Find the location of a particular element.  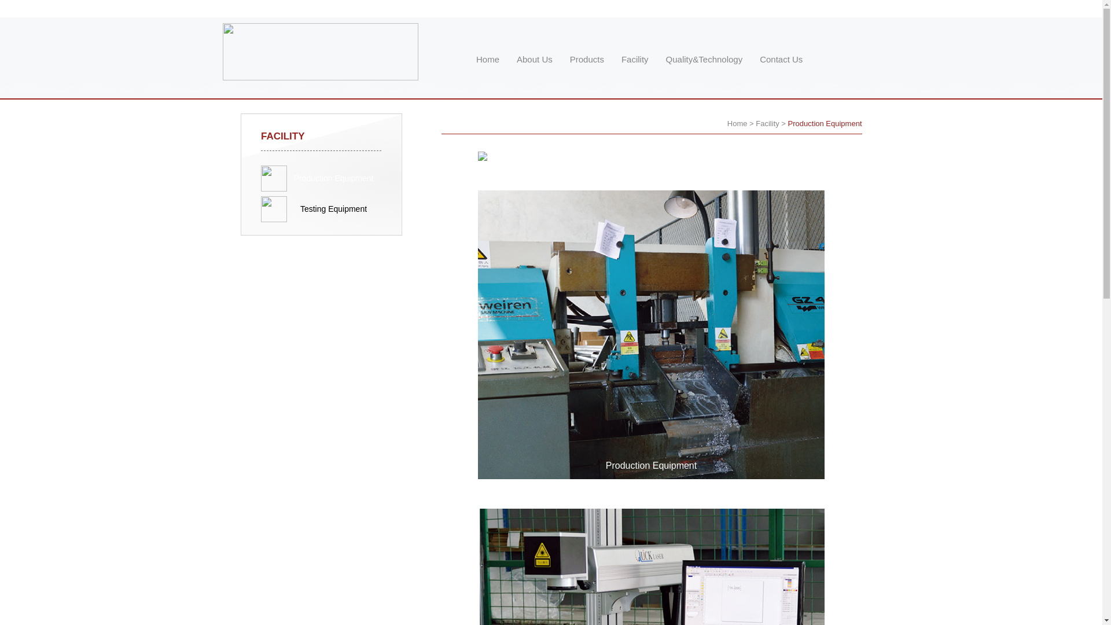

'Quality&Technology' is located at coordinates (704, 59).